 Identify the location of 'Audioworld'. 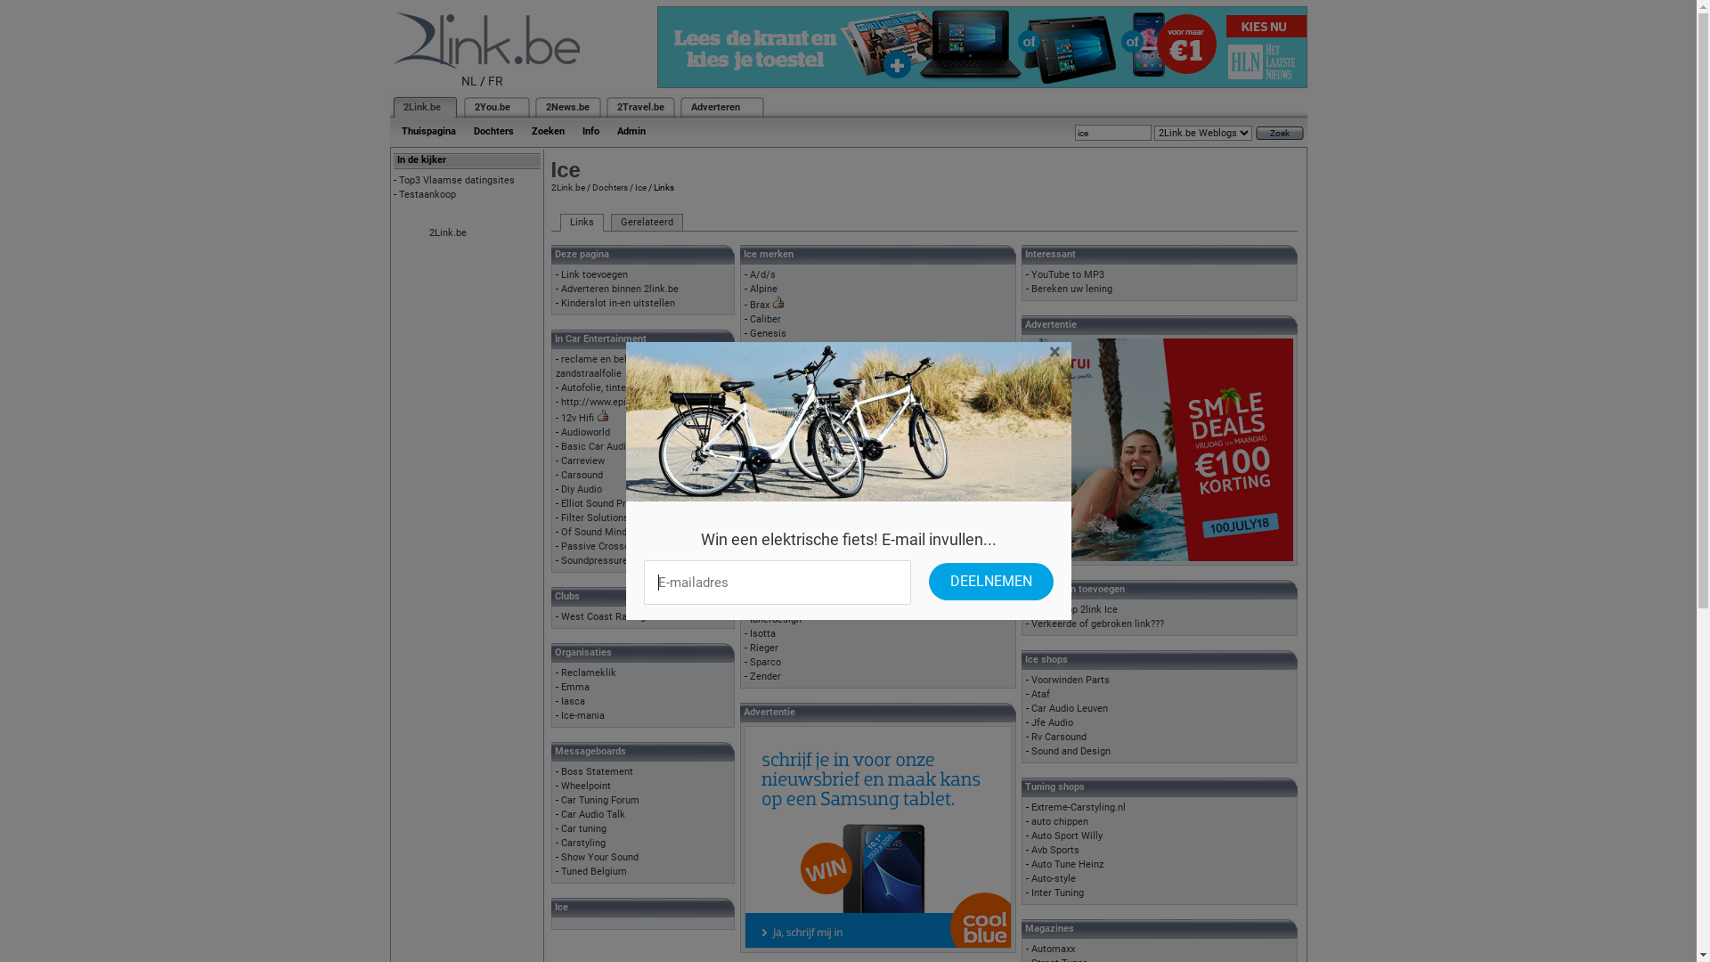
(585, 432).